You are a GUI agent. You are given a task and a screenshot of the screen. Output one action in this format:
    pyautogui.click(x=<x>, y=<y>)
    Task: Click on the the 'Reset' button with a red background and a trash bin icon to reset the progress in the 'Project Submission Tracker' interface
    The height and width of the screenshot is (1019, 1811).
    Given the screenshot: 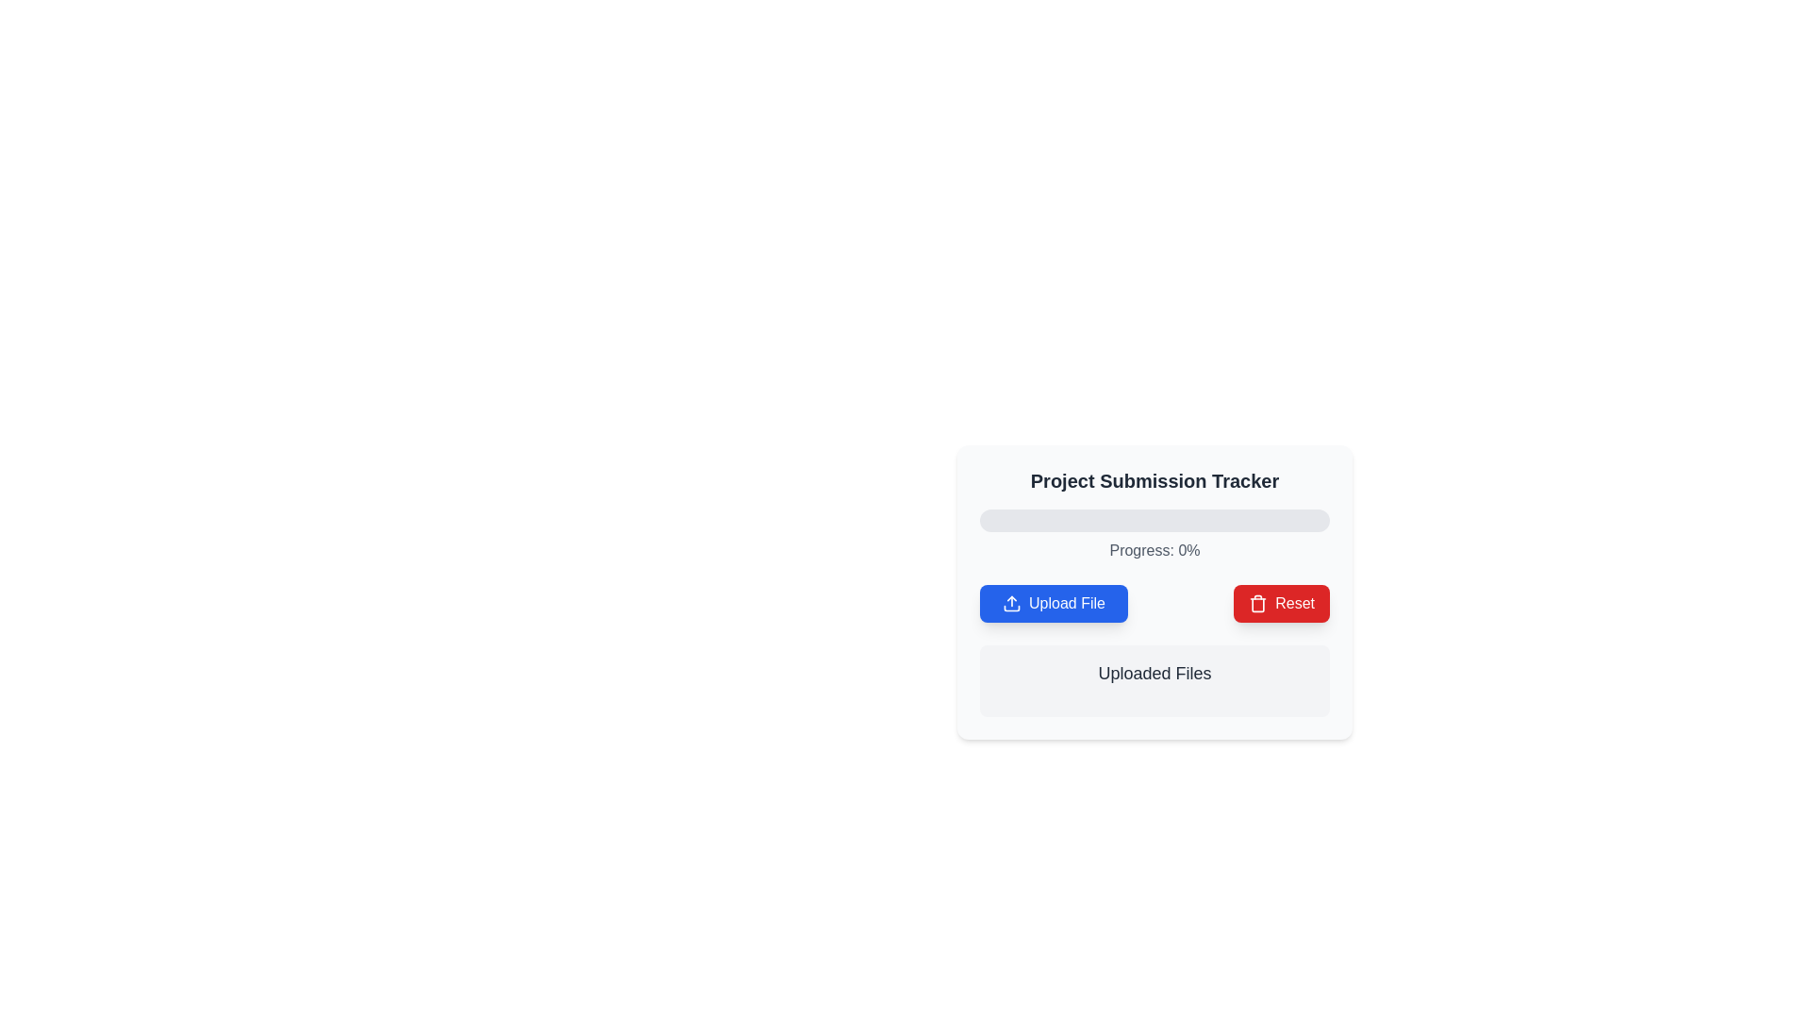 What is the action you would take?
    pyautogui.click(x=1281, y=604)
    